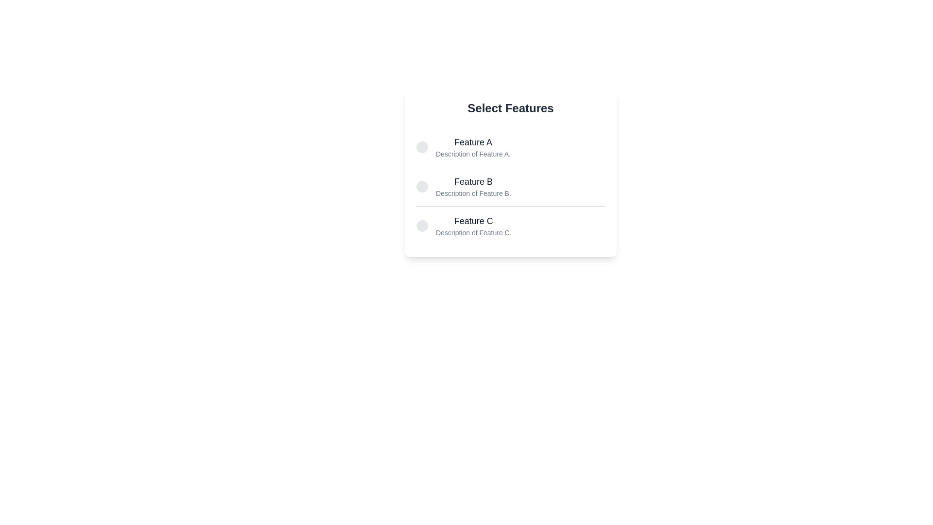 The height and width of the screenshot is (525, 933). I want to click on the text label that reads 'Feature A', which is styled in a bold and larger font size, colored dark gray, and located at the top of a vertically aligned group in the interface, so click(473, 142).